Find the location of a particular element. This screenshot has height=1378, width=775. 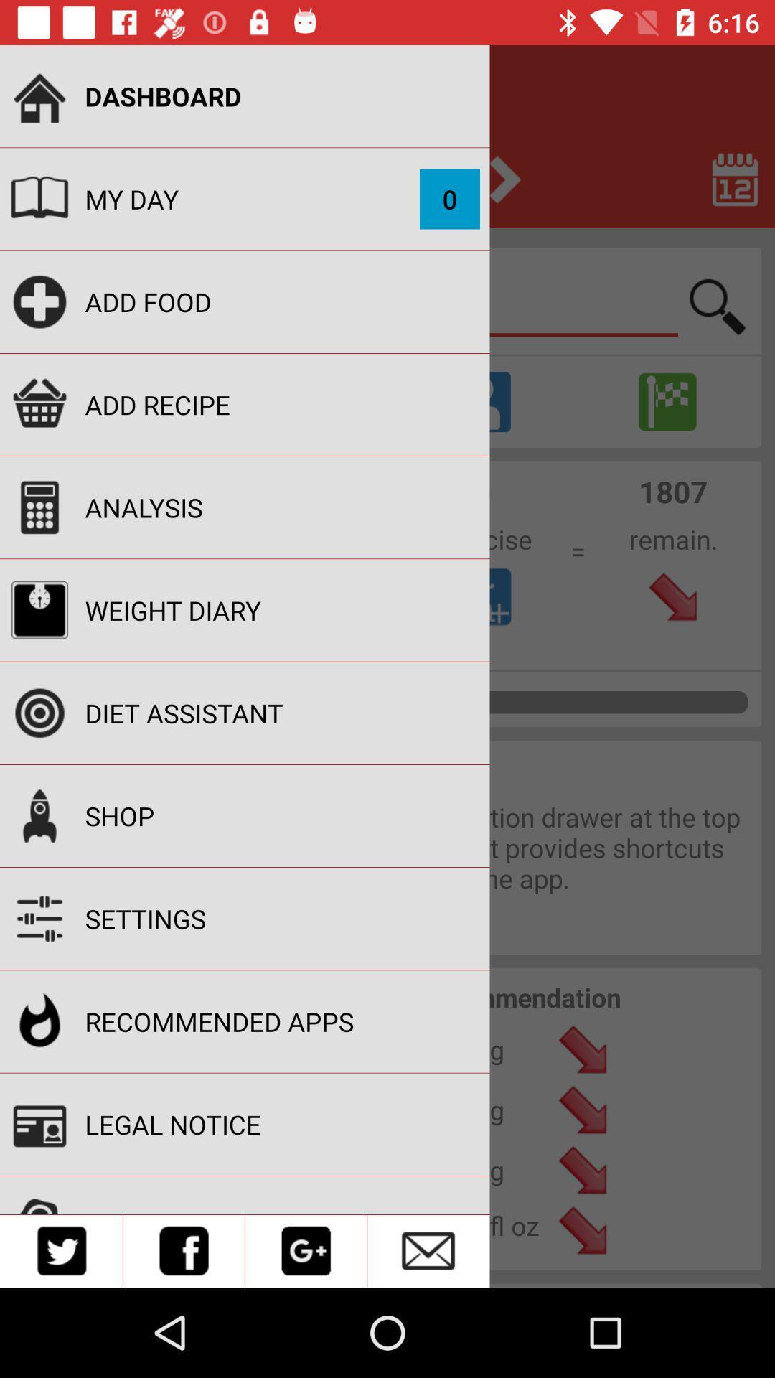

the arrow_forward icon is located at coordinates (504, 179).